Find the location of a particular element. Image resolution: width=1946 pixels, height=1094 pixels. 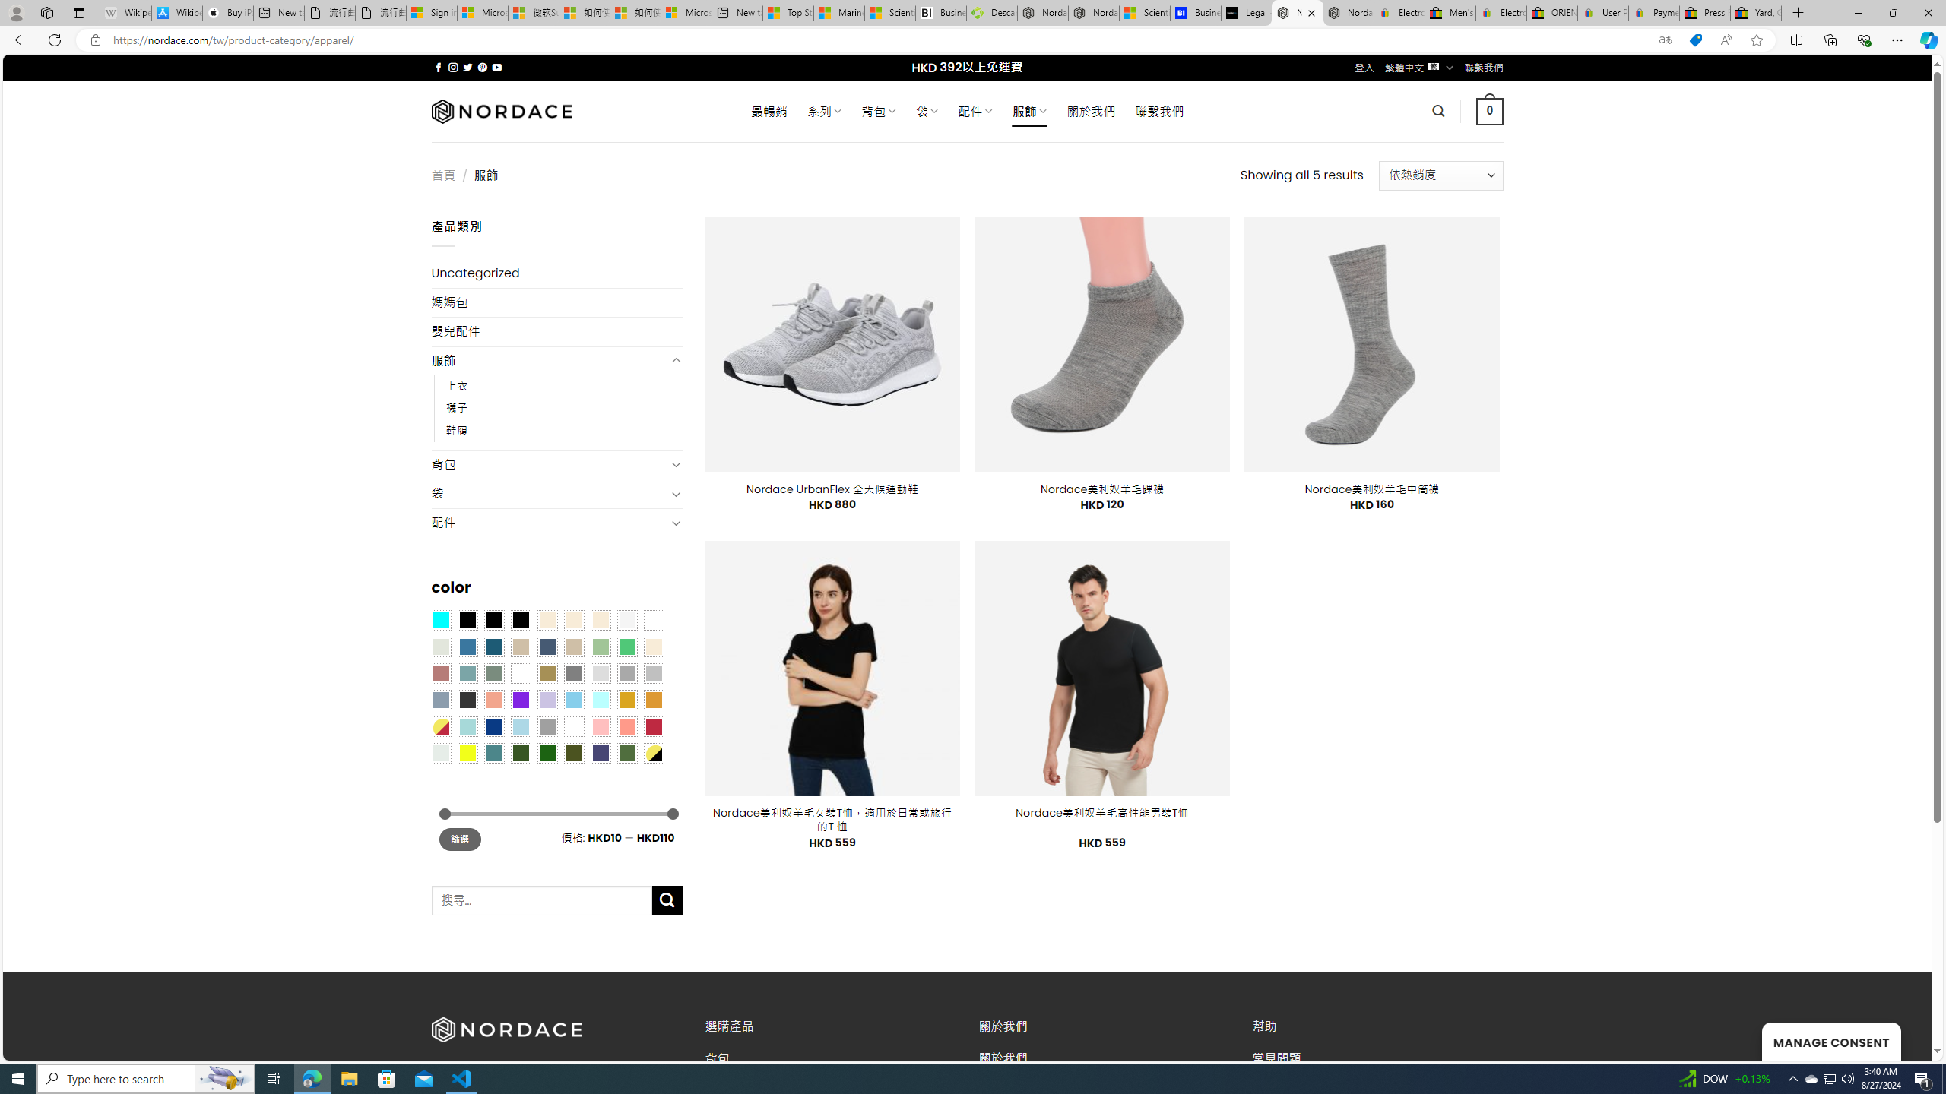

'Cream' is located at coordinates (601, 619).